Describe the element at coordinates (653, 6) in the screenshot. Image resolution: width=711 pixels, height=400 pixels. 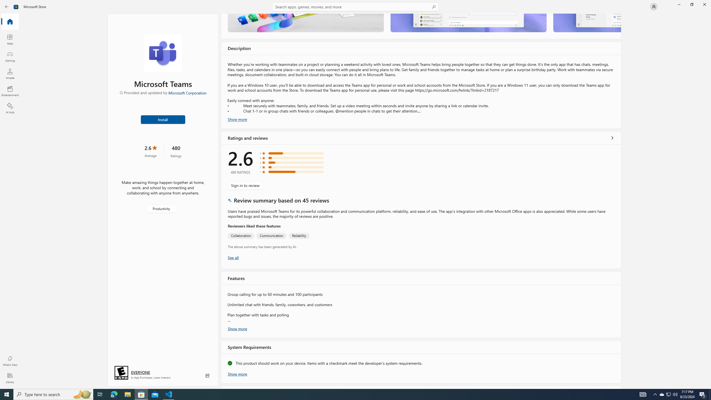
I see `'User profile'` at that location.